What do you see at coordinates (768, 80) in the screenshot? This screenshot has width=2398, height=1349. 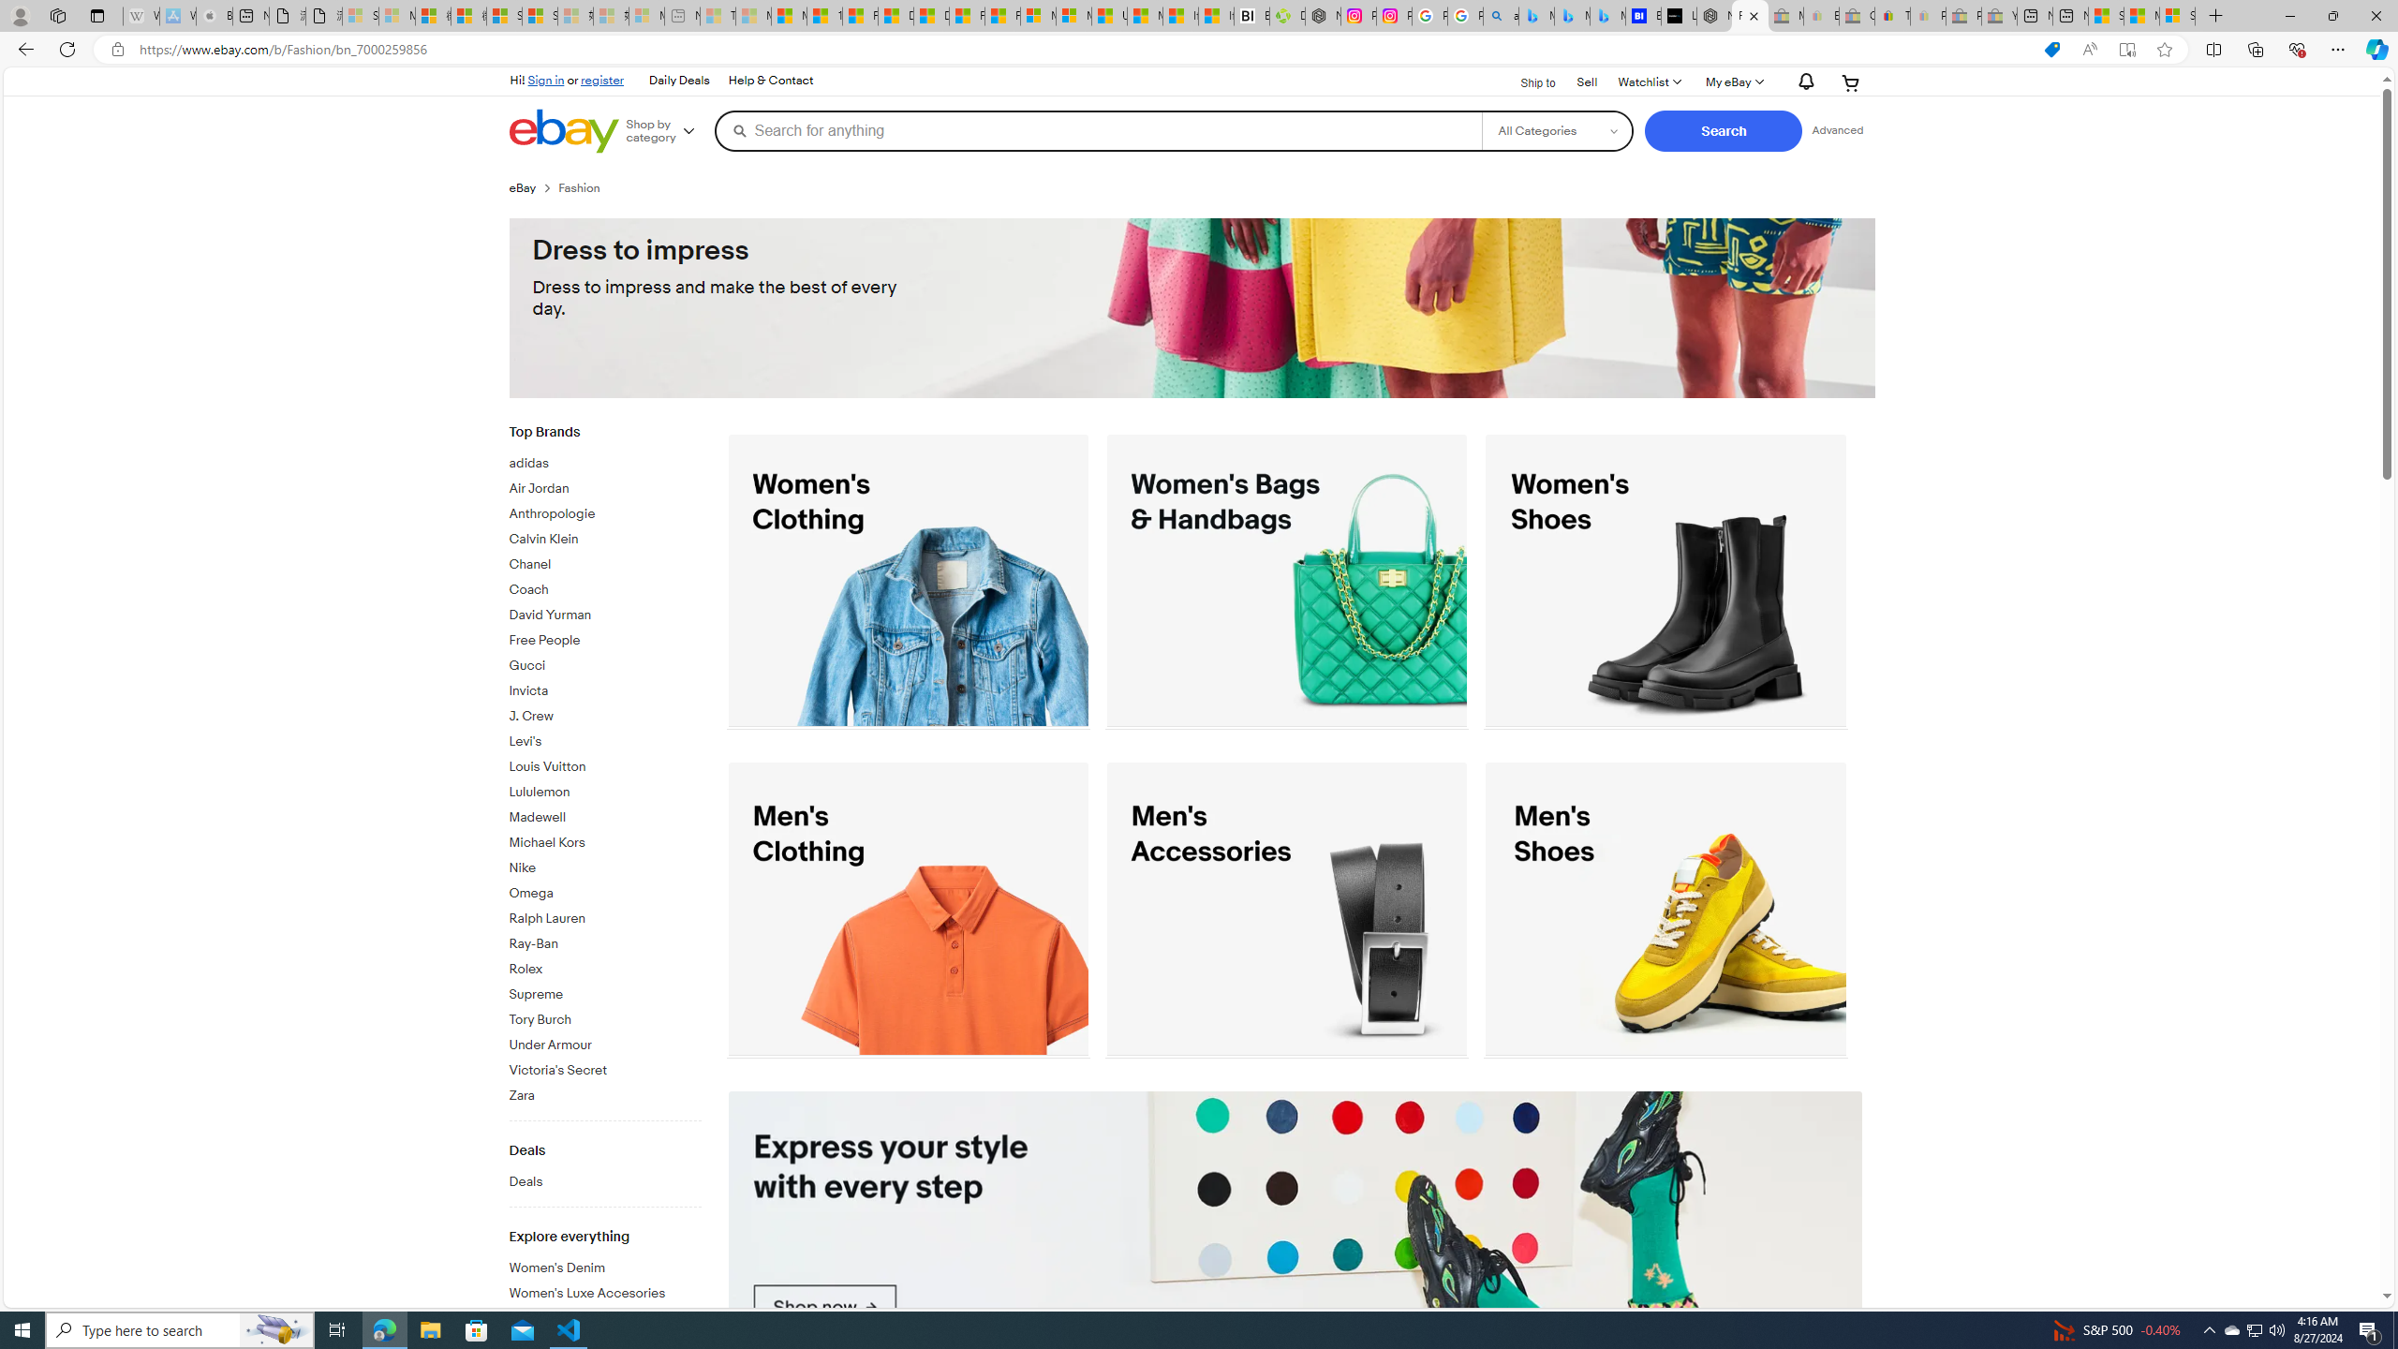 I see `'Help & Contact'` at bounding box center [768, 80].